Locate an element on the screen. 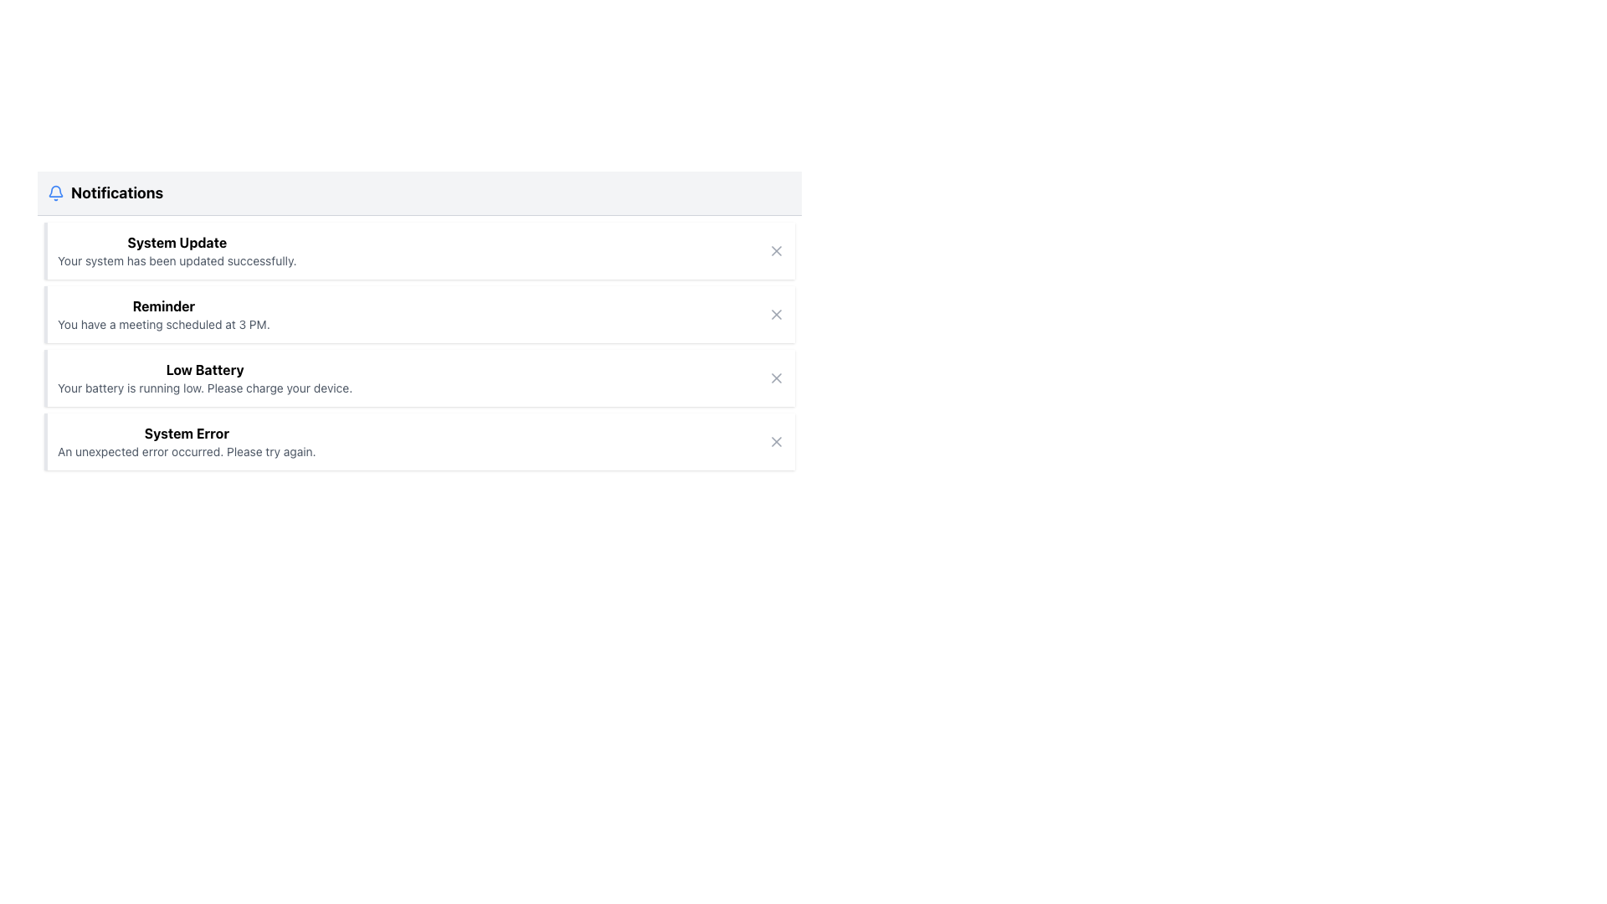 Image resolution: width=1607 pixels, height=904 pixels. reminder notification about the scheduled meeting at 3 PM, which is located in the notification list between 'System Update' and 'Low Battery' is located at coordinates (163, 314).